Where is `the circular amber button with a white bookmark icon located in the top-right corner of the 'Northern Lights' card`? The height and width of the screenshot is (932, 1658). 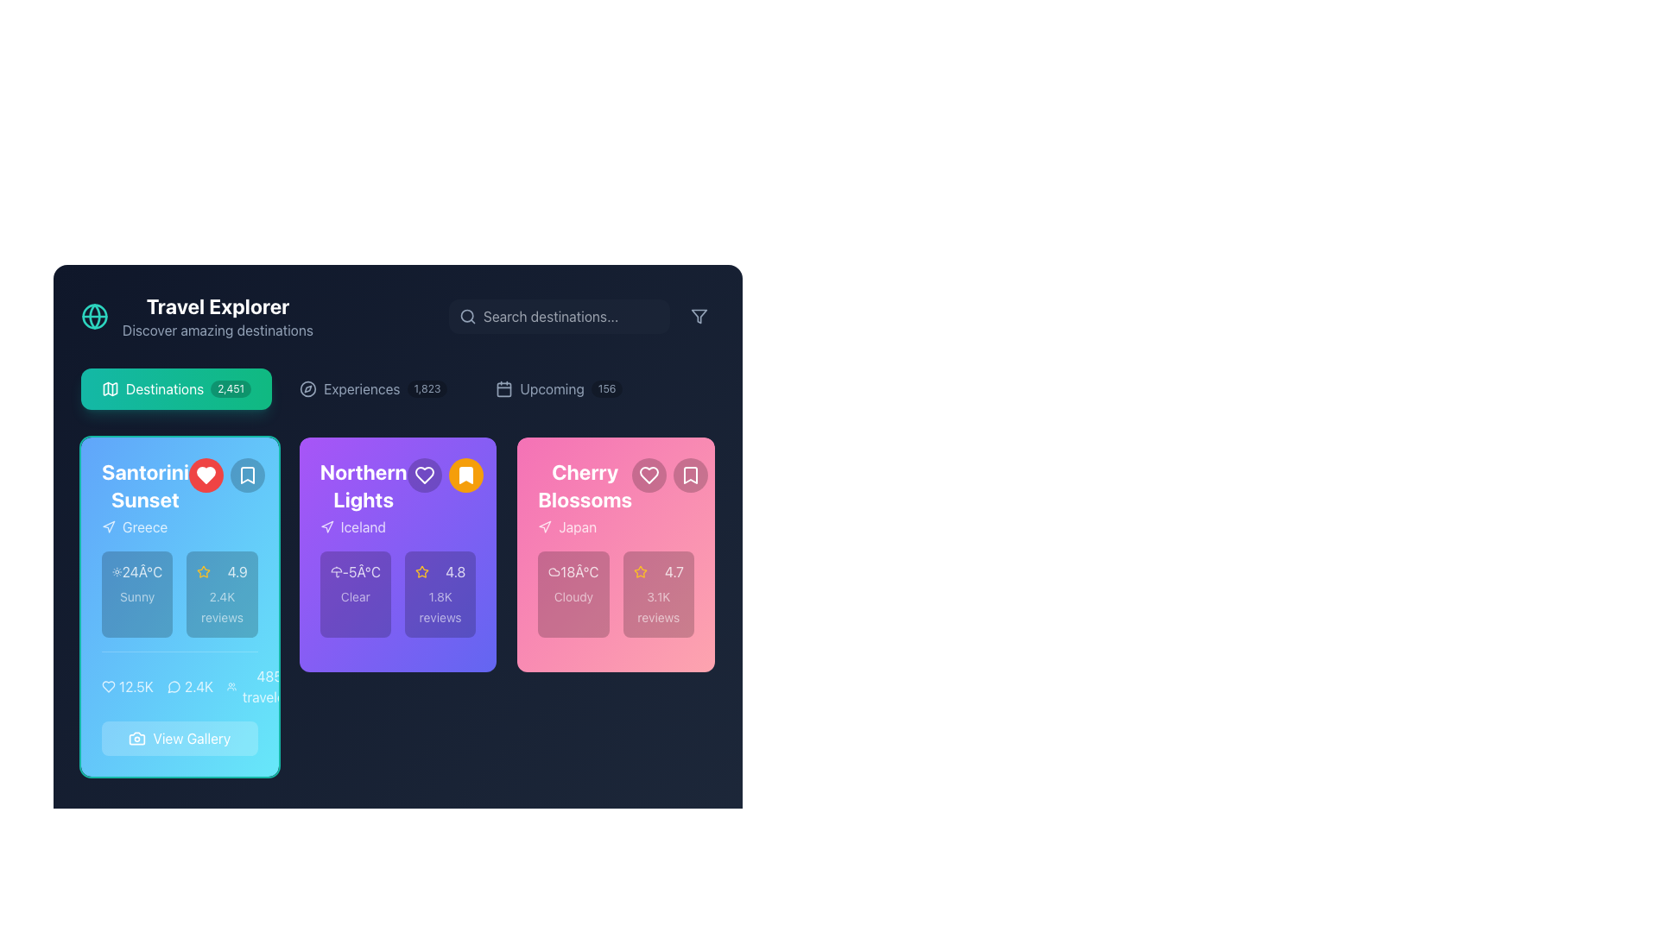
the circular amber button with a white bookmark icon located in the top-right corner of the 'Northern Lights' card is located at coordinates (465, 475).